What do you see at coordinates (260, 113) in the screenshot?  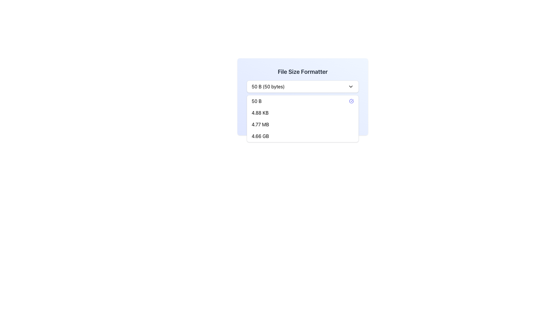 I see `the text label indicating the file size '4.88 KB' in the dropdown menu labeled 'File Size Formatter'` at bounding box center [260, 113].